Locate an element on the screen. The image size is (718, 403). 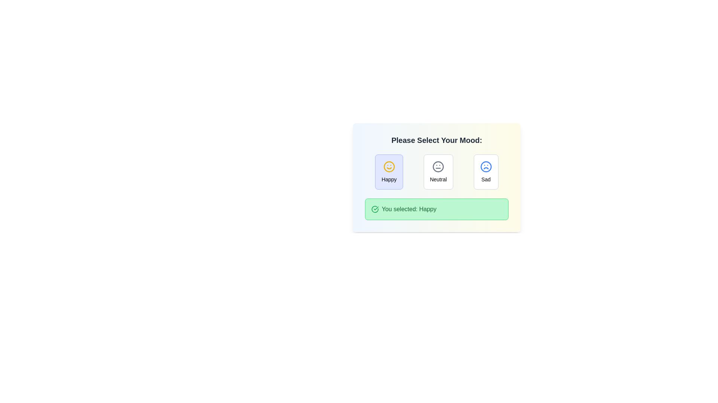
the text label that identifies the mood category represented by the icon above it, located in the central column below the neutral face icon is located at coordinates (438, 179).